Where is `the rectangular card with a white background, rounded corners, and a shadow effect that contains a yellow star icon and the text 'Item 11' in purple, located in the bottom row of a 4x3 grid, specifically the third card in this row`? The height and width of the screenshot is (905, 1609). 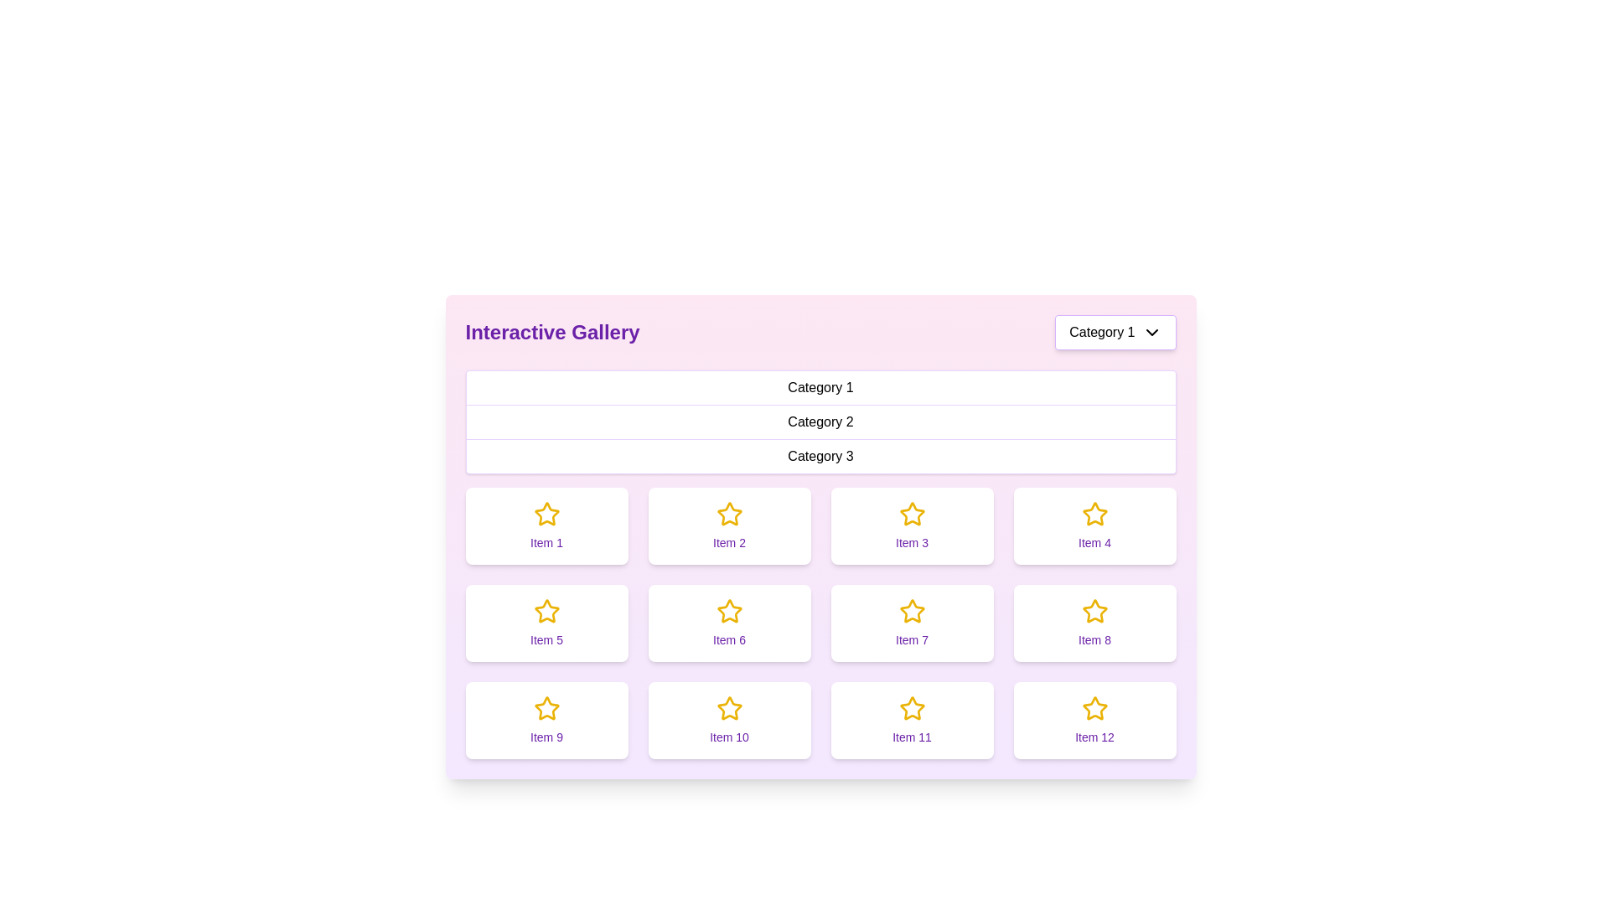
the rectangular card with a white background, rounded corners, and a shadow effect that contains a yellow star icon and the text 'Item 11' in purple, located in the bottom row of a 4x3 grid, specifically the third card in this row is located at coordinates (911, 720).